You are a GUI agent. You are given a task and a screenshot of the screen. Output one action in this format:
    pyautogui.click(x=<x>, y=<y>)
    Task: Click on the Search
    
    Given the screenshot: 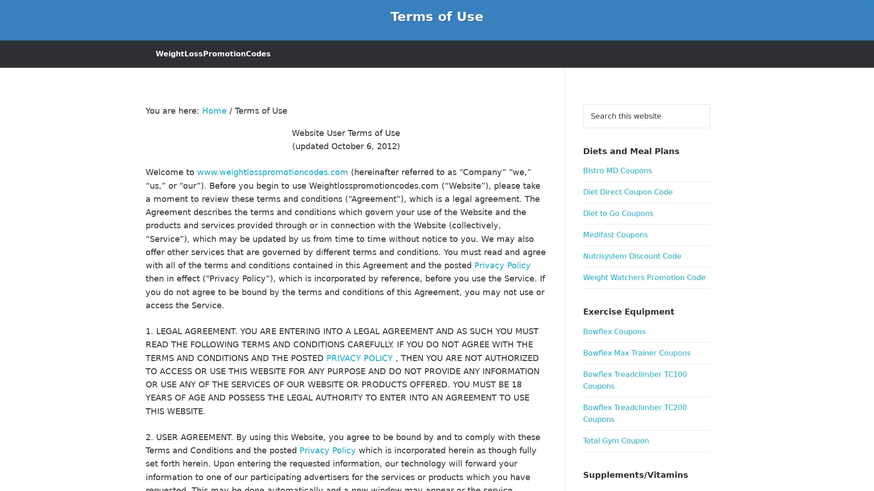 What is the action you would take?
    pyautogui.click(x=709, y=103)
    